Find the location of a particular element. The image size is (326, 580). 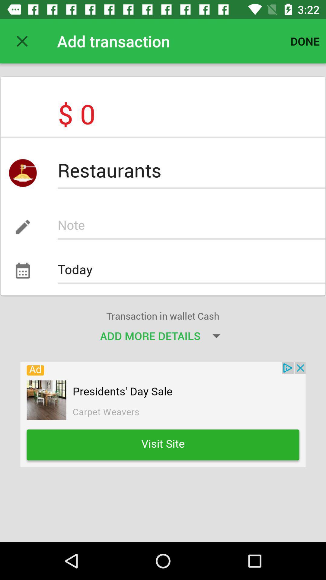

opens an advertisement is located at coordinates (163, 414).